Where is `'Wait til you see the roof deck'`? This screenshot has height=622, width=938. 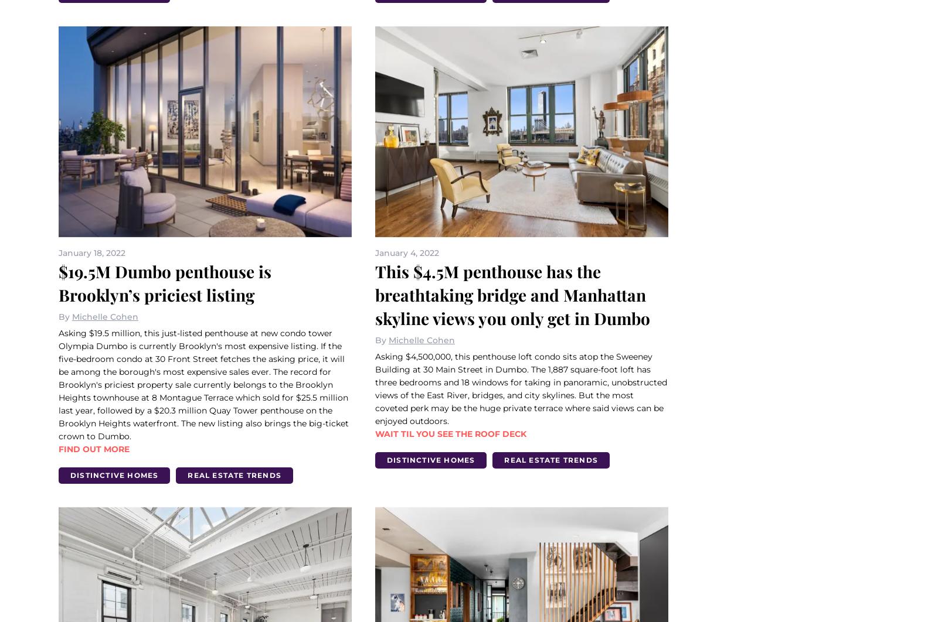
'Wait til you see the roof deck' is located at coordinates (450, 433).